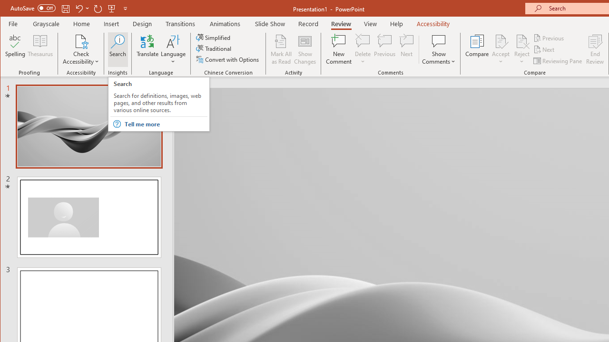  What do you see at coordinates (362, 40) in the screenshot?
I see `'Delete'` at bounding box center [362, 40].